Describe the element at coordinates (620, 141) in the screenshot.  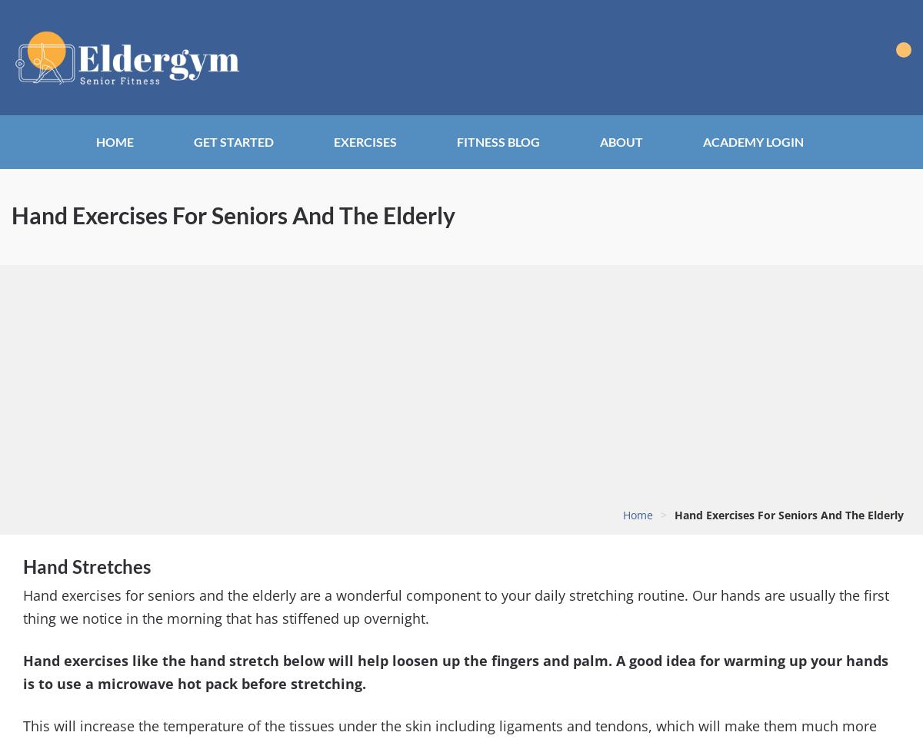
I see `'About'` at that location.